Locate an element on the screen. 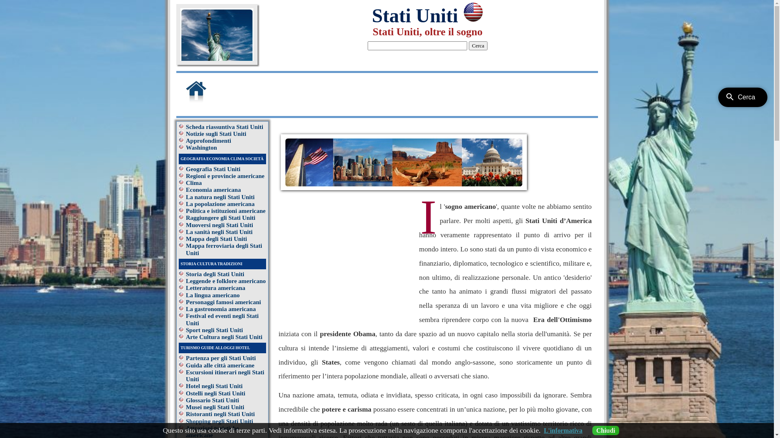  'Scheda riassuntiva Stati Uniti' is located at coordinates (224, 127).